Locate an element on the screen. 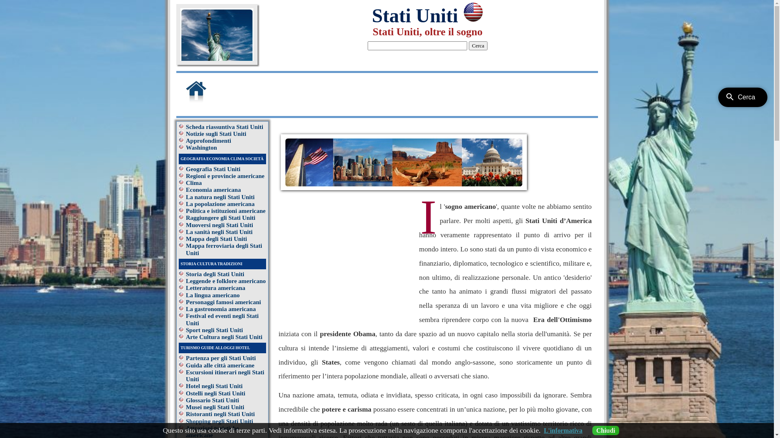  'Scheda riassuntiva Stati Uniti' is located at coordinates (224, 127).